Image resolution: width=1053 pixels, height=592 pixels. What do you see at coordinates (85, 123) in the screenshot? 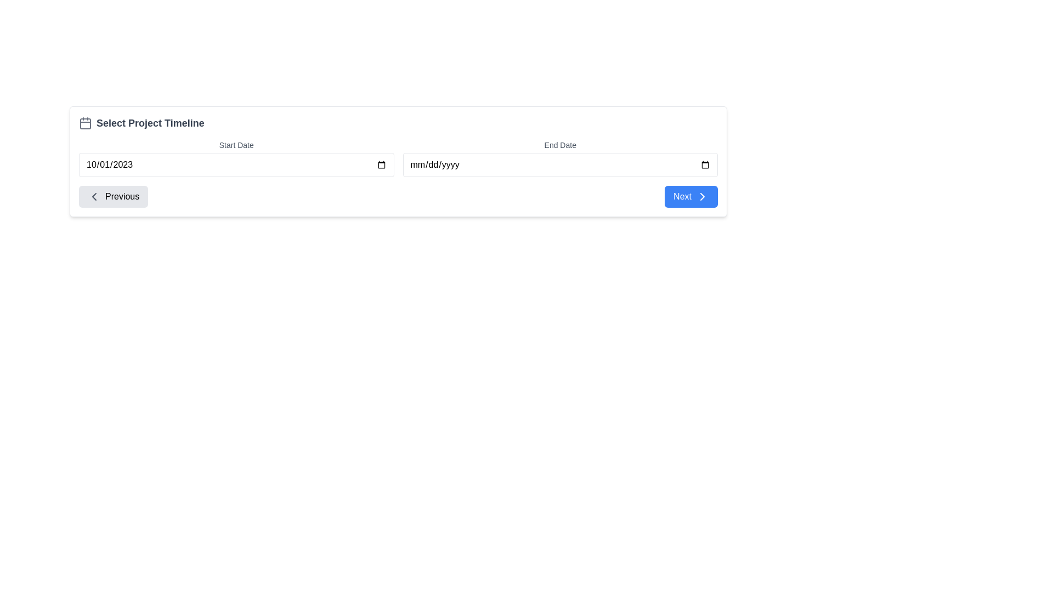
I see `the decorative graphical component within the calendar icon next to the 'Select Project Timeline' label` at bounding box center [85, 123].